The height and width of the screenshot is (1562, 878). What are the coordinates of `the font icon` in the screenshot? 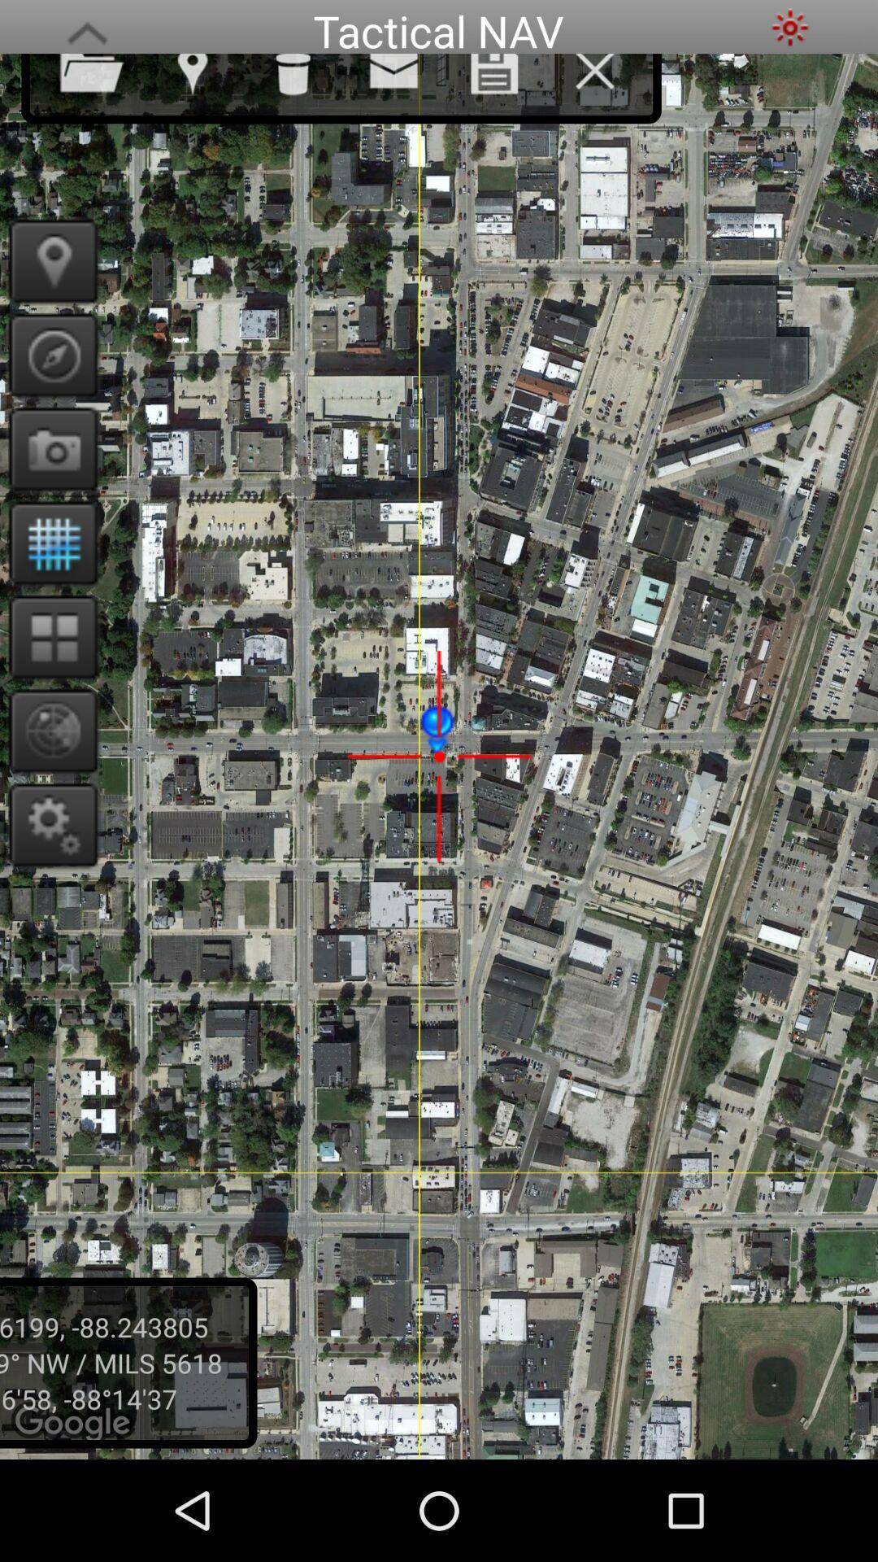 It's located at (87, 29).